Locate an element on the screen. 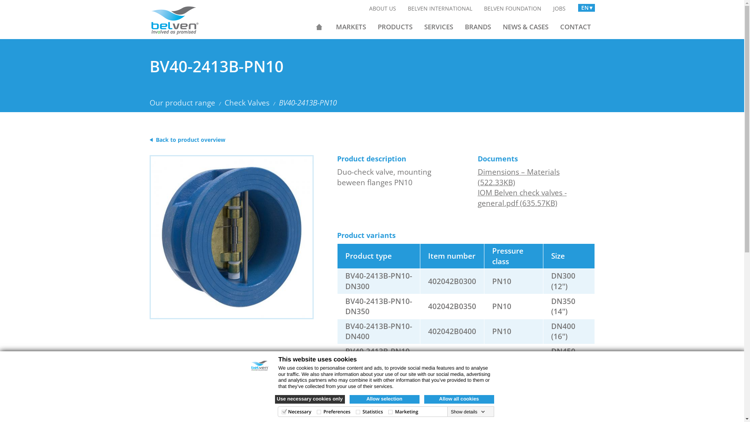 This screenshot has width=750, height=422. 'Back to product overview' is located at coordinates (187, 139).